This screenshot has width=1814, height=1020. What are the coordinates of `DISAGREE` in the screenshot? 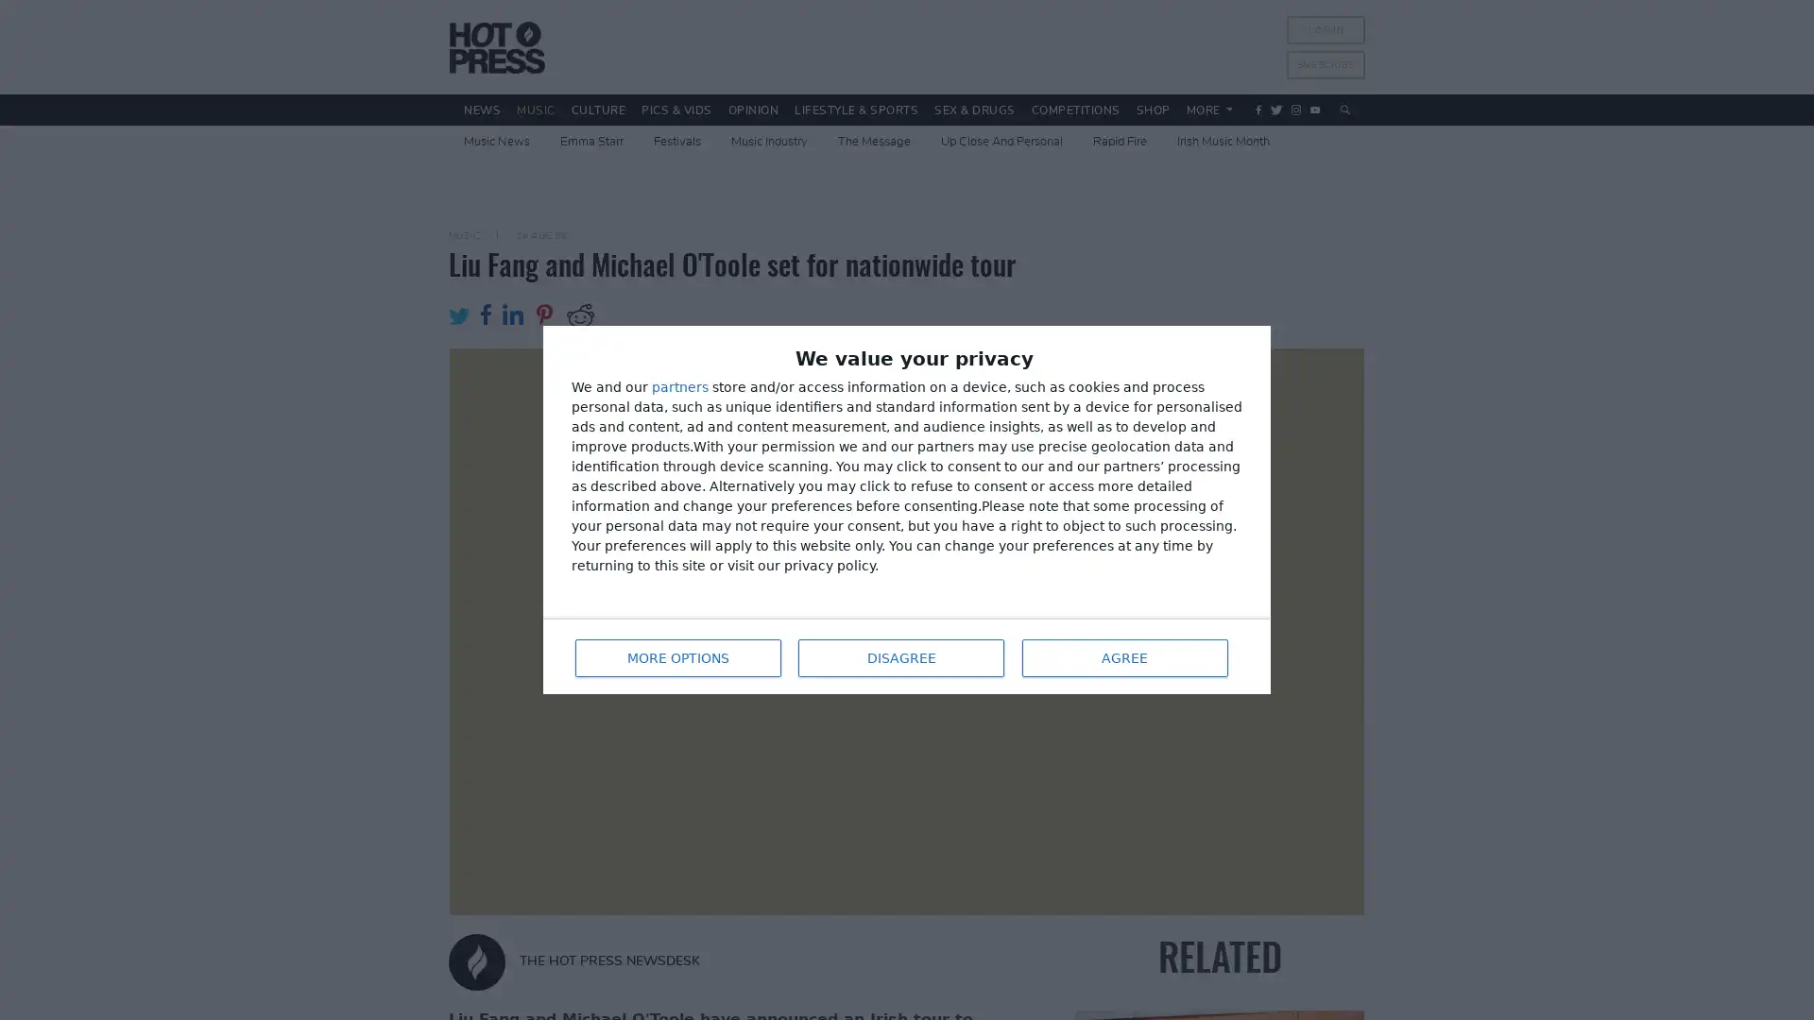 It's located at (898, 654).